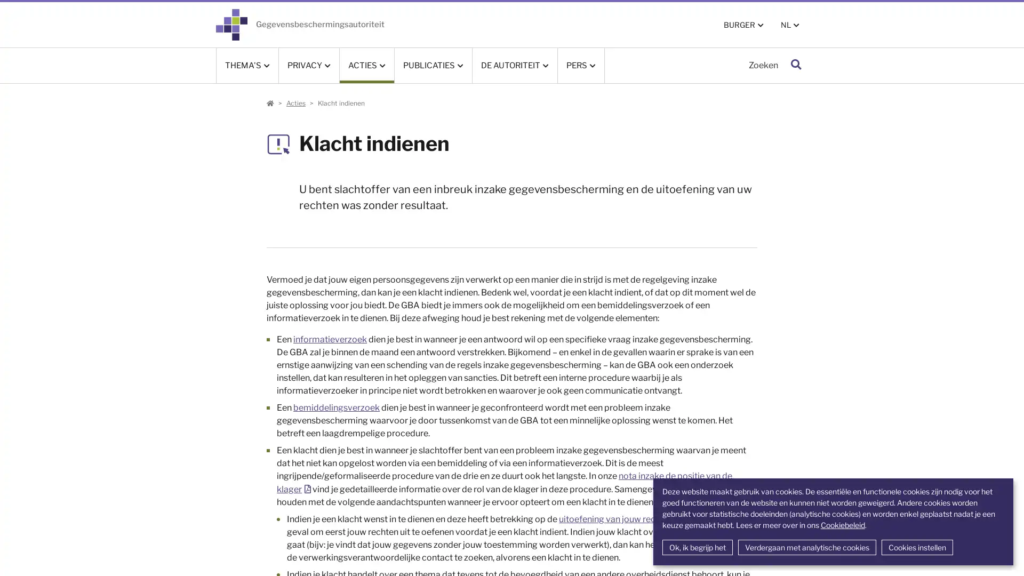  What do you see at coordinates (916, 547) in the screenshot?
I see `Cookies instellen` at bounding box center [916, 547].